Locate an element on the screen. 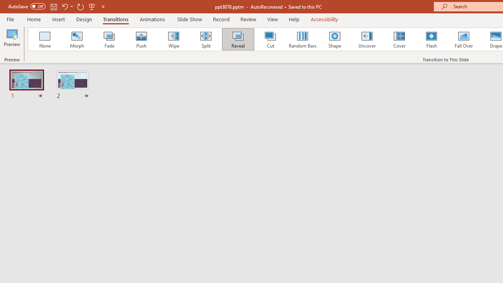 This screenshot has width=503, height=283. 'Fall Over' is located at coordinates (464, 39).